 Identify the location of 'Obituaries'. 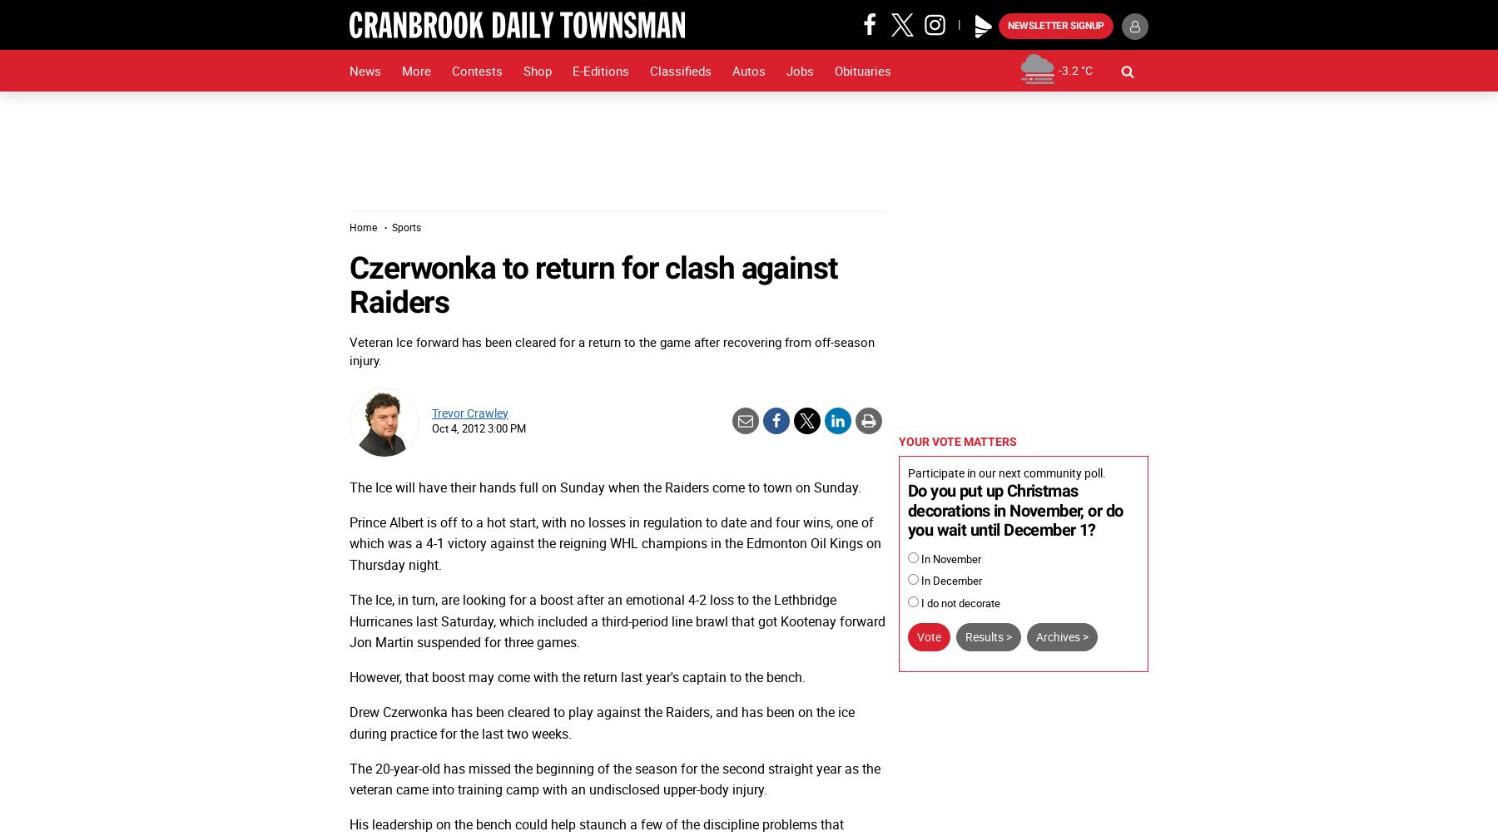
(833, 71).